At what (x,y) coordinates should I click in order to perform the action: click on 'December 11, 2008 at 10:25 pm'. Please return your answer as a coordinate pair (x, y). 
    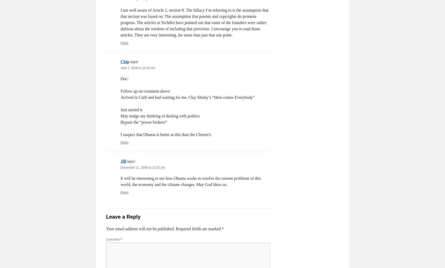
    Looking at the image, I should click on (143, 167).